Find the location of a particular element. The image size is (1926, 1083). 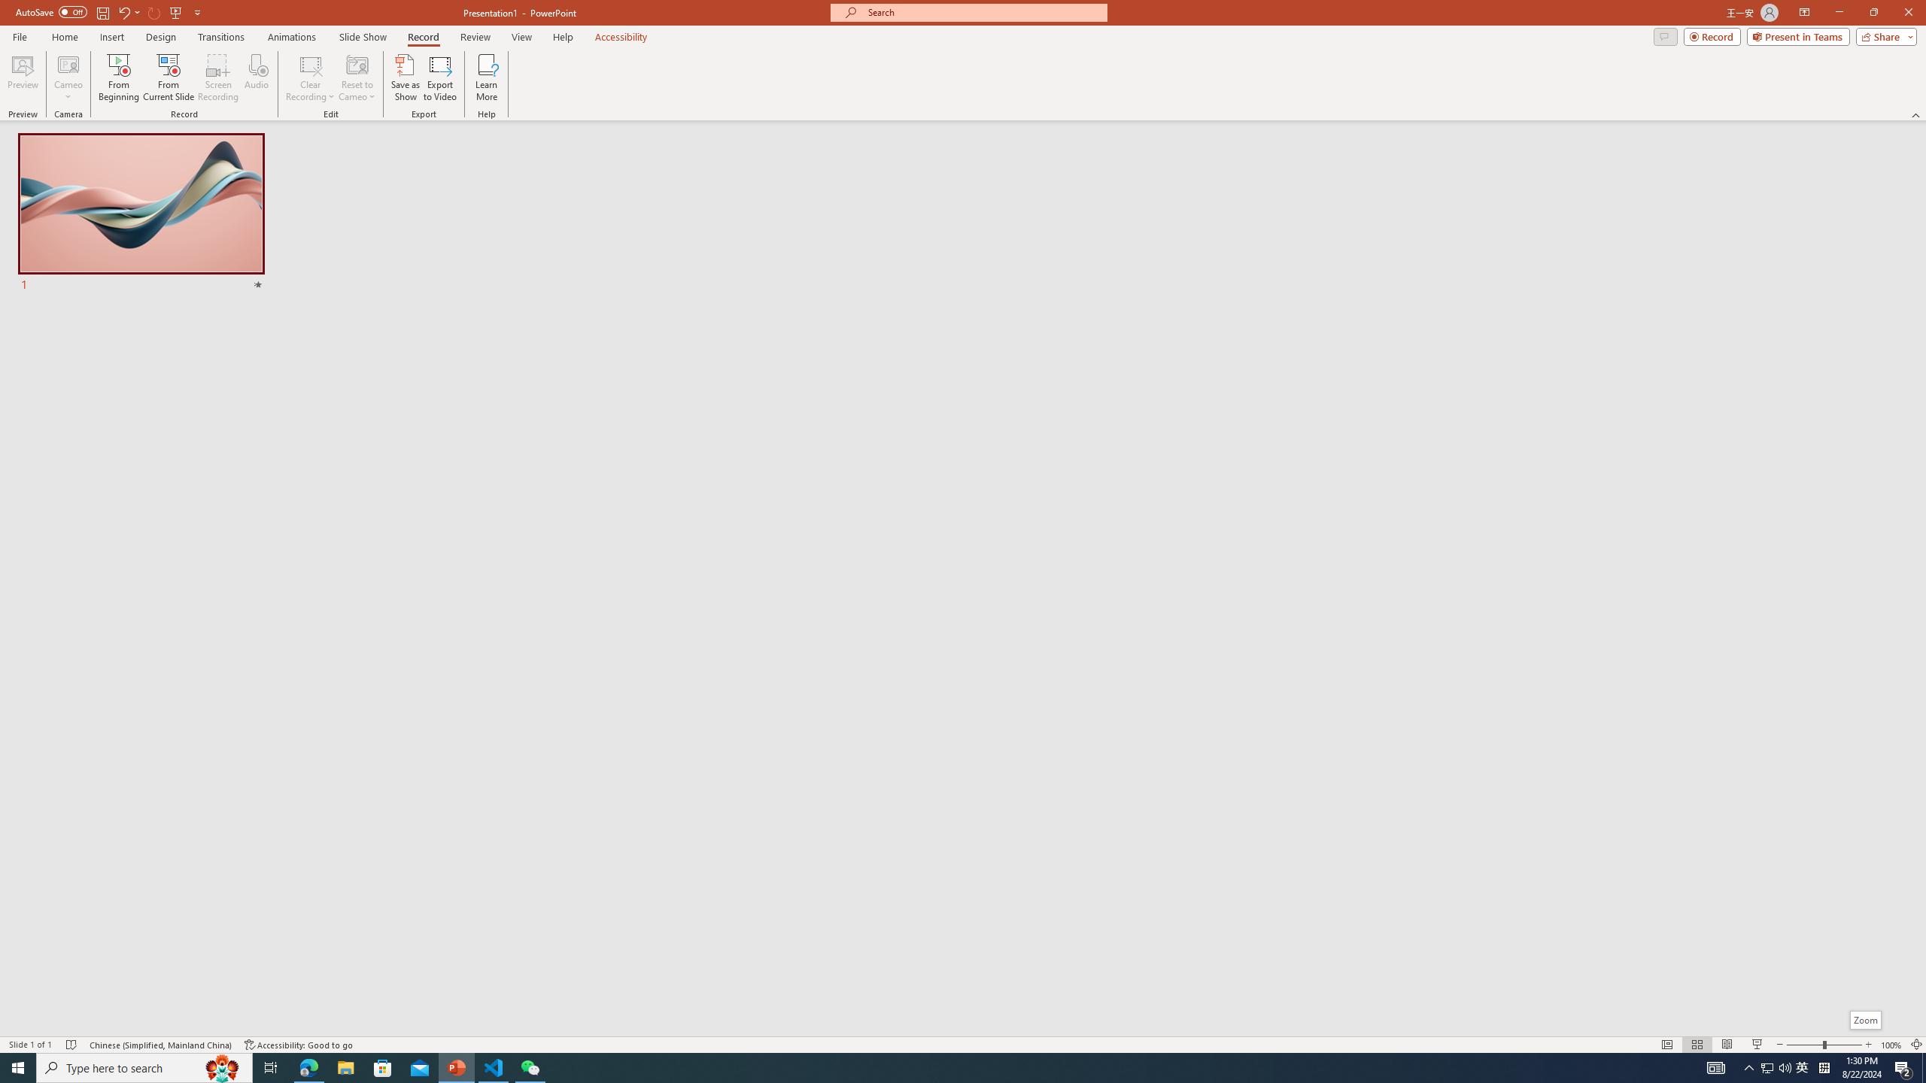

'Screen Recording' is located at coordinates (217, 77).